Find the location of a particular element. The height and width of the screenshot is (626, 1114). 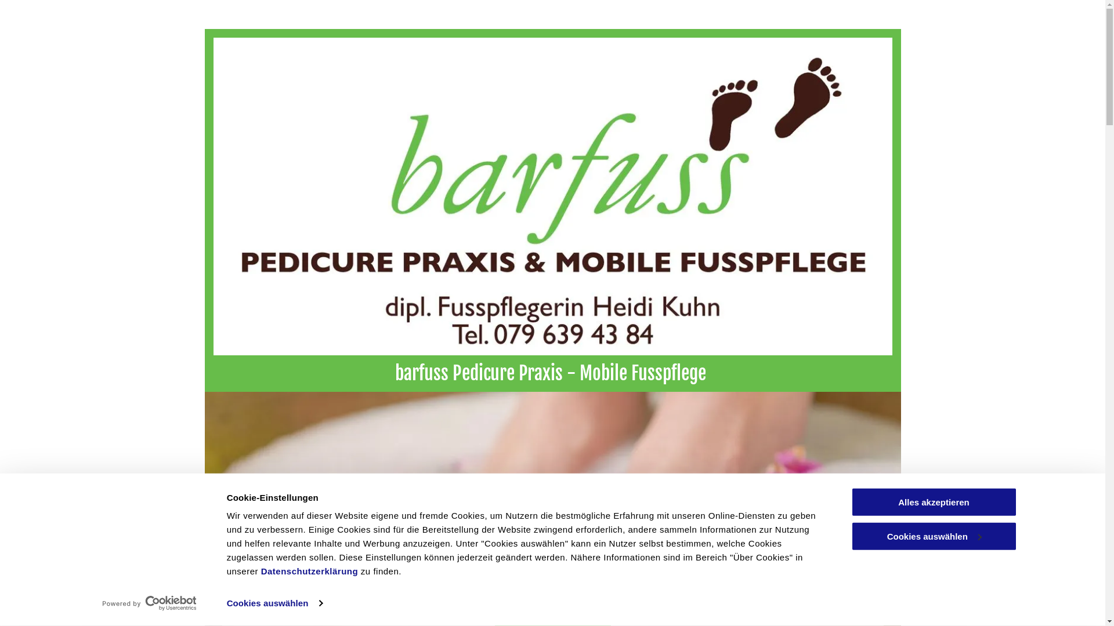

'Alles akzeptieren' is located at coordinates (933, 501).